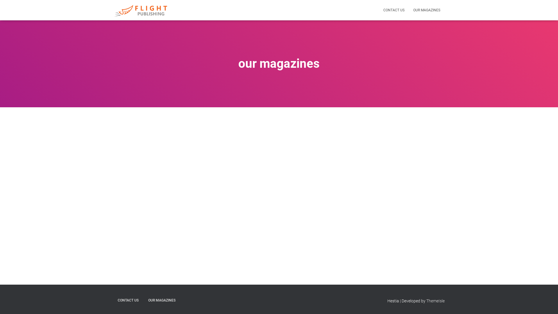 The image size is (558, 314). What do you see at coordinates (427, 10) in the screenshot?
I see `'OUR MAGAZINES'` at bounding box center [427, 10].